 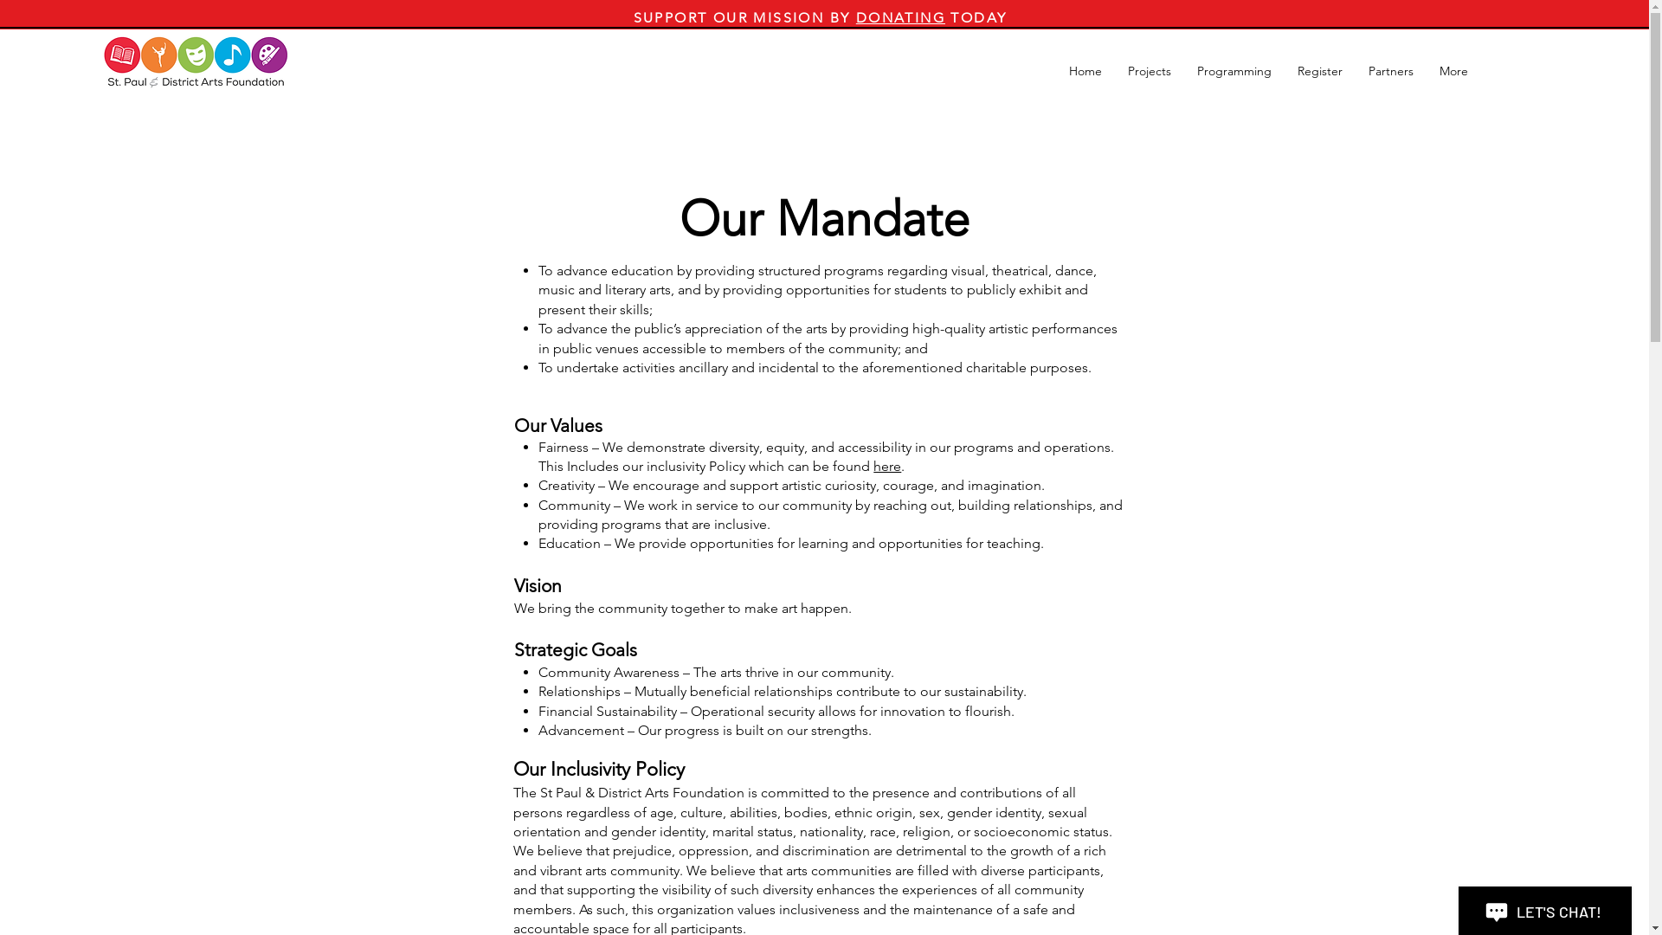 What do you see at coordinates (1233, 69) in the screenshot?
I see `'Programming'` at bounding box center [1233, 69].